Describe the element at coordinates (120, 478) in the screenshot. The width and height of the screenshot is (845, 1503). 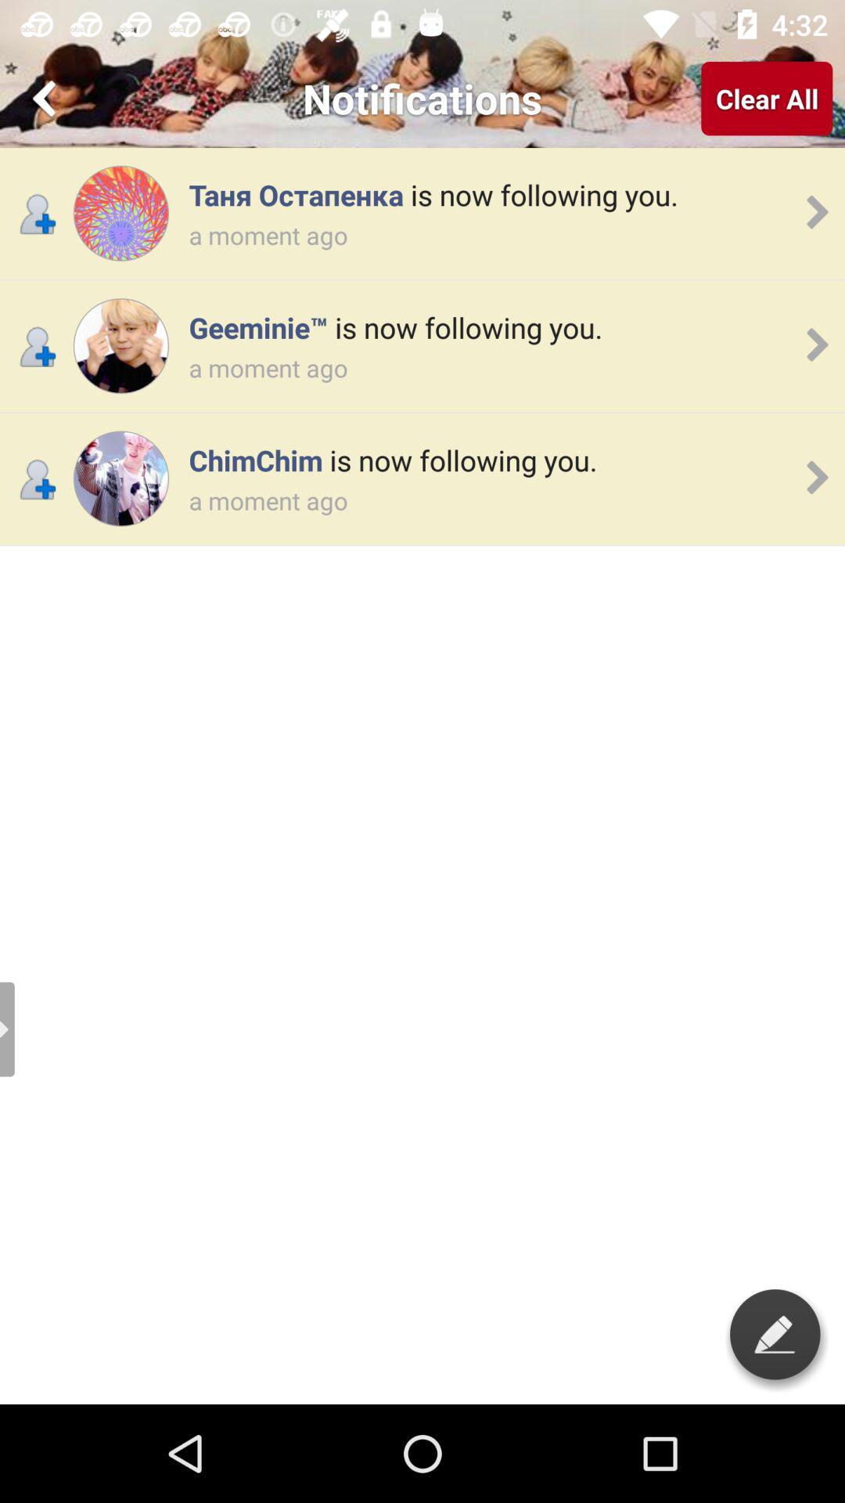
I see `profile of a person` at that location.